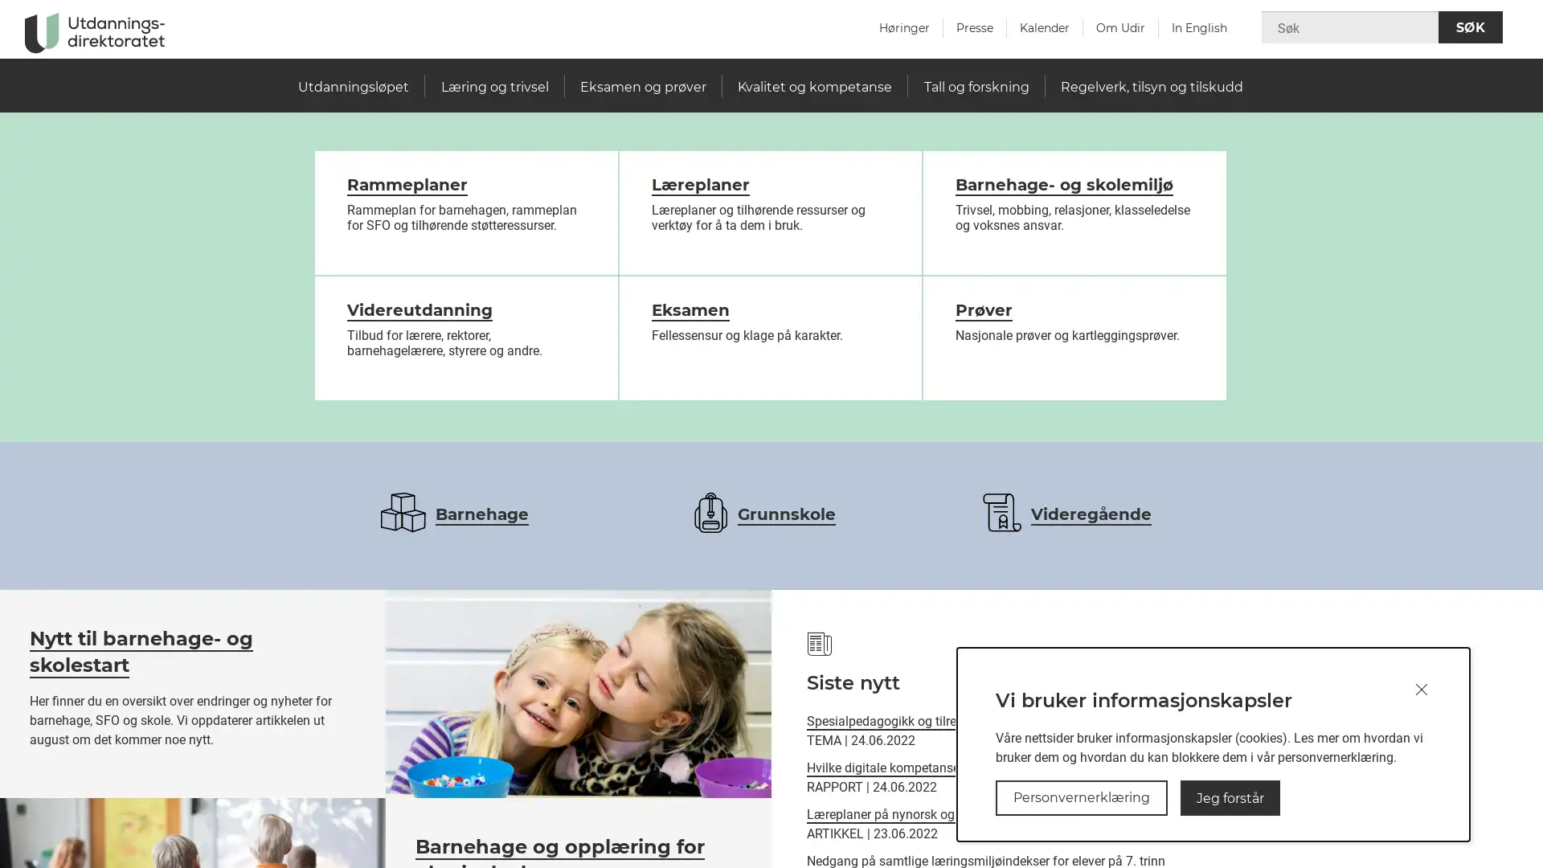 This screenshot has height=868, width=1543. I want to click on Utdanningslpet, so click(353, 87).